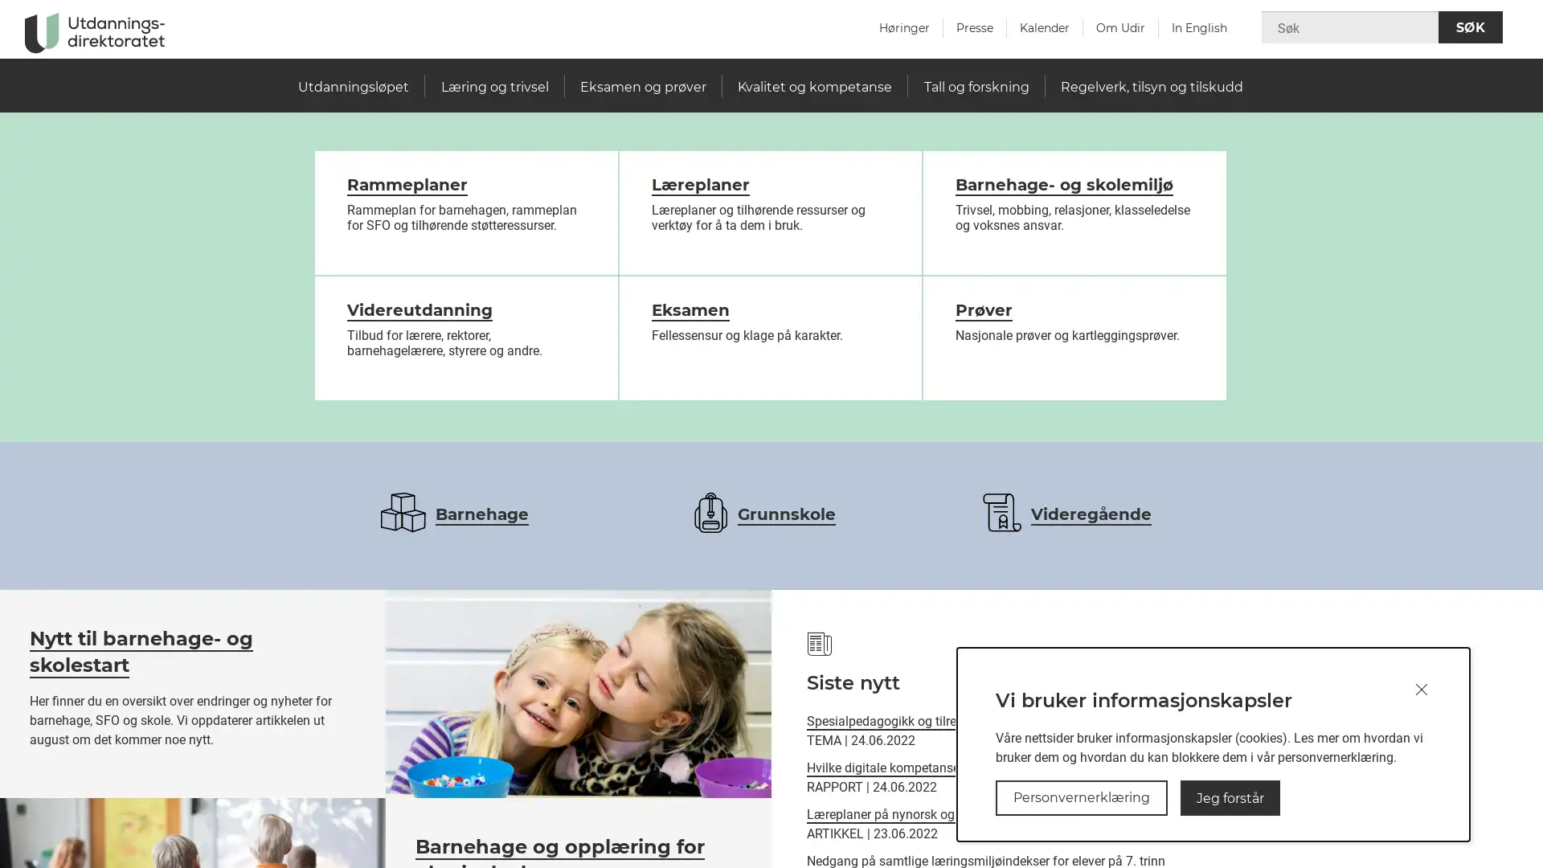 This screenshot has height=868, width=1543. I want to click on Utdanningslpet, so click(353, 87).